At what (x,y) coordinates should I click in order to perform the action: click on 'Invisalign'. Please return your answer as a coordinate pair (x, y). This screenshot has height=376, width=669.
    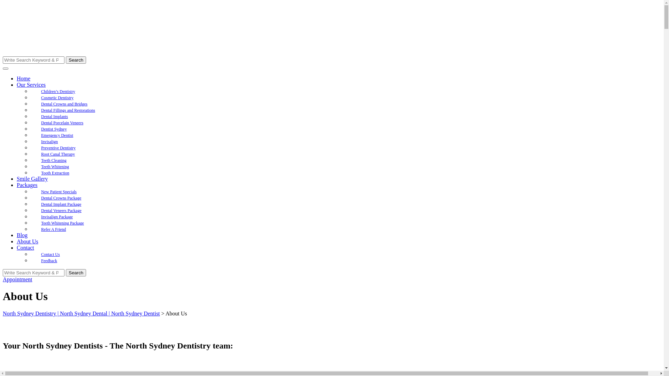
    Looking at the image, I should click on (49, 141).